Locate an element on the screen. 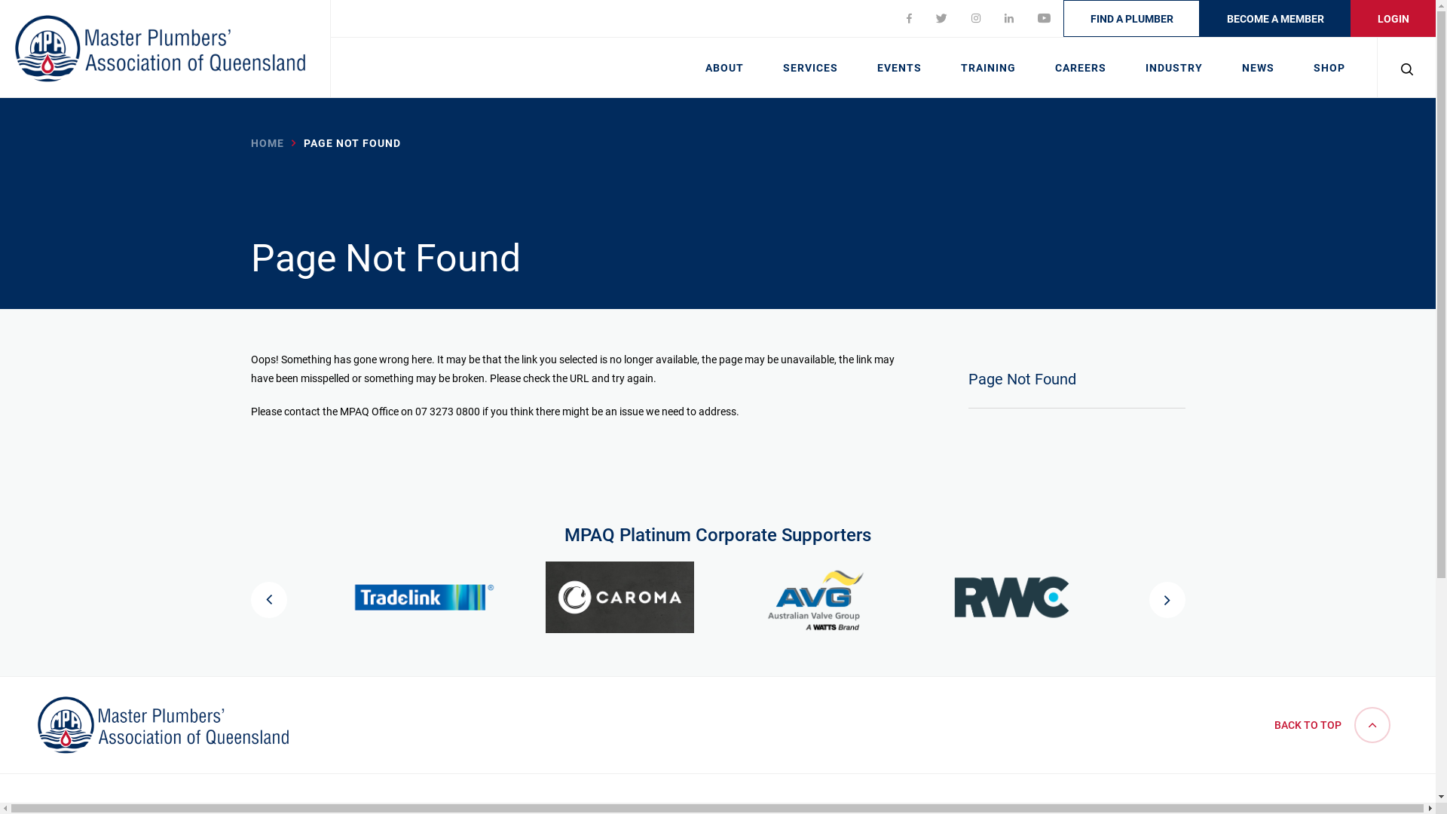 This screenshot has height=814, width=1447. 'INDUSTRY' is located at coordinates (1173, 66).